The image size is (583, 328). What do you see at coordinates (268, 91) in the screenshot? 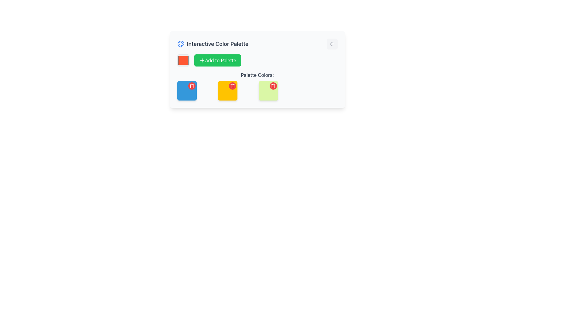
I see `the color swatch located in the bottom-right corner of the 'Palette Colors' grid` at bounding box center [268, 91].